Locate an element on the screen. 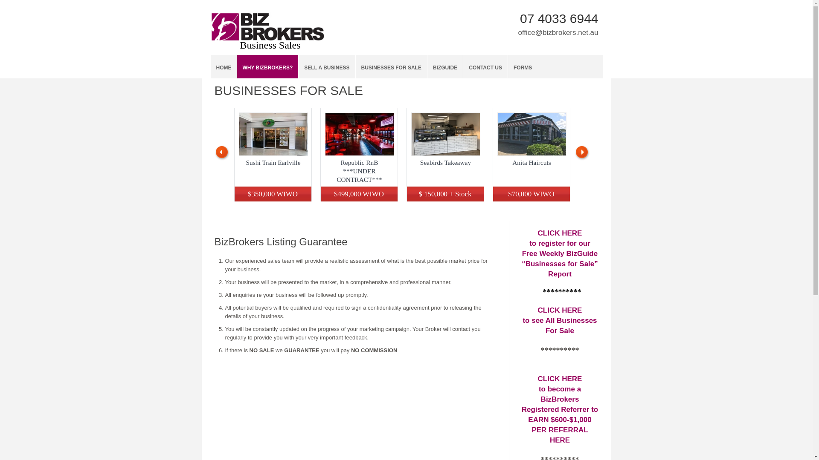  'Seabirds Takeaway' is located at coordinates (445, 162).